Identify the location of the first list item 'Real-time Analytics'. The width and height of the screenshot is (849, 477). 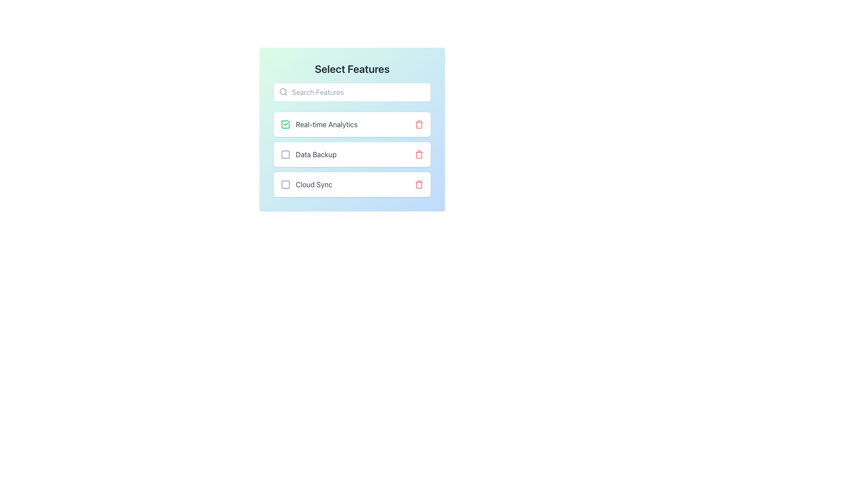
(352, 124).